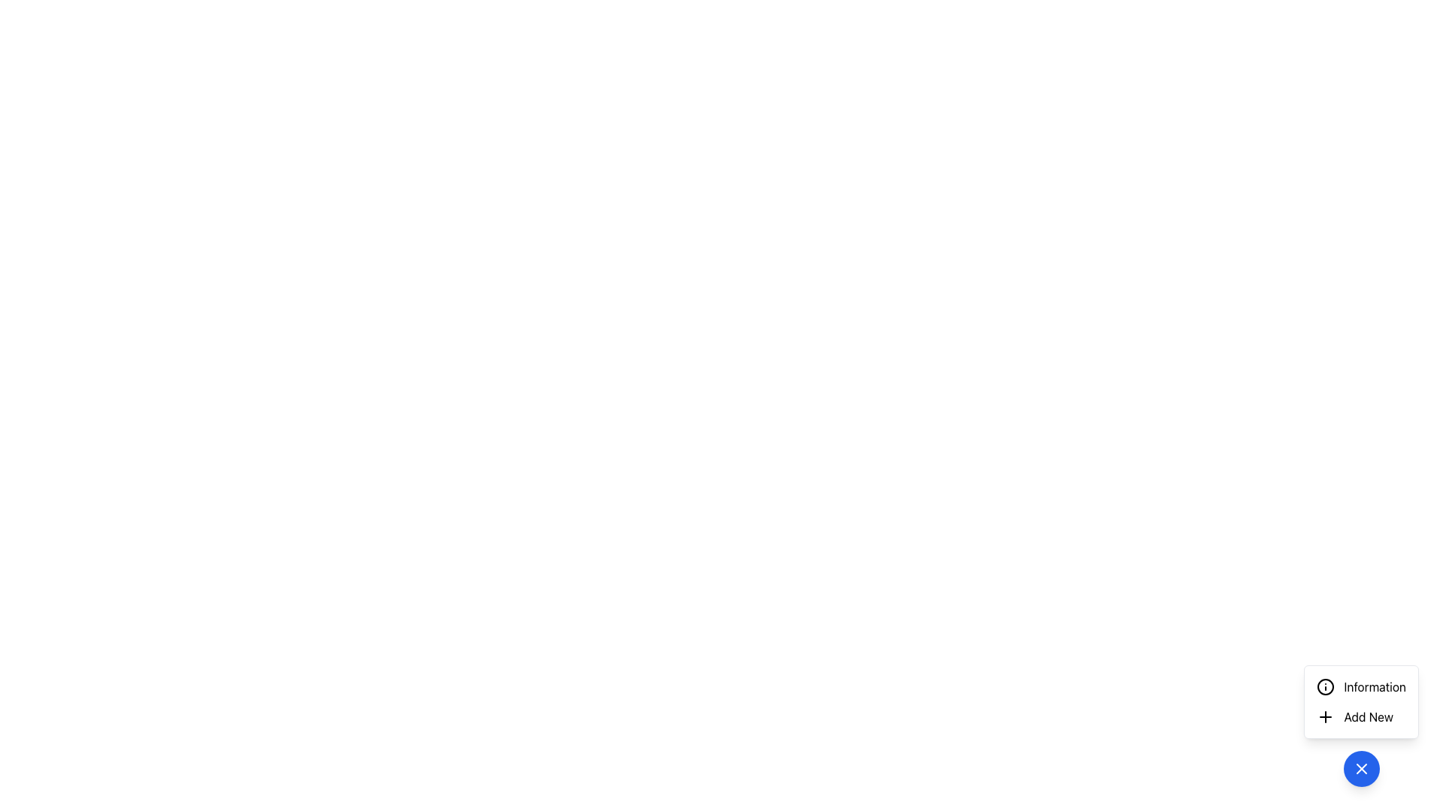  What do you see at coordinates (1326, 686) in the screenshot?
I see `the minimalistic circular information icon located at the top-left corner next to the 'Information' label` at bounding box center [1326, 686].